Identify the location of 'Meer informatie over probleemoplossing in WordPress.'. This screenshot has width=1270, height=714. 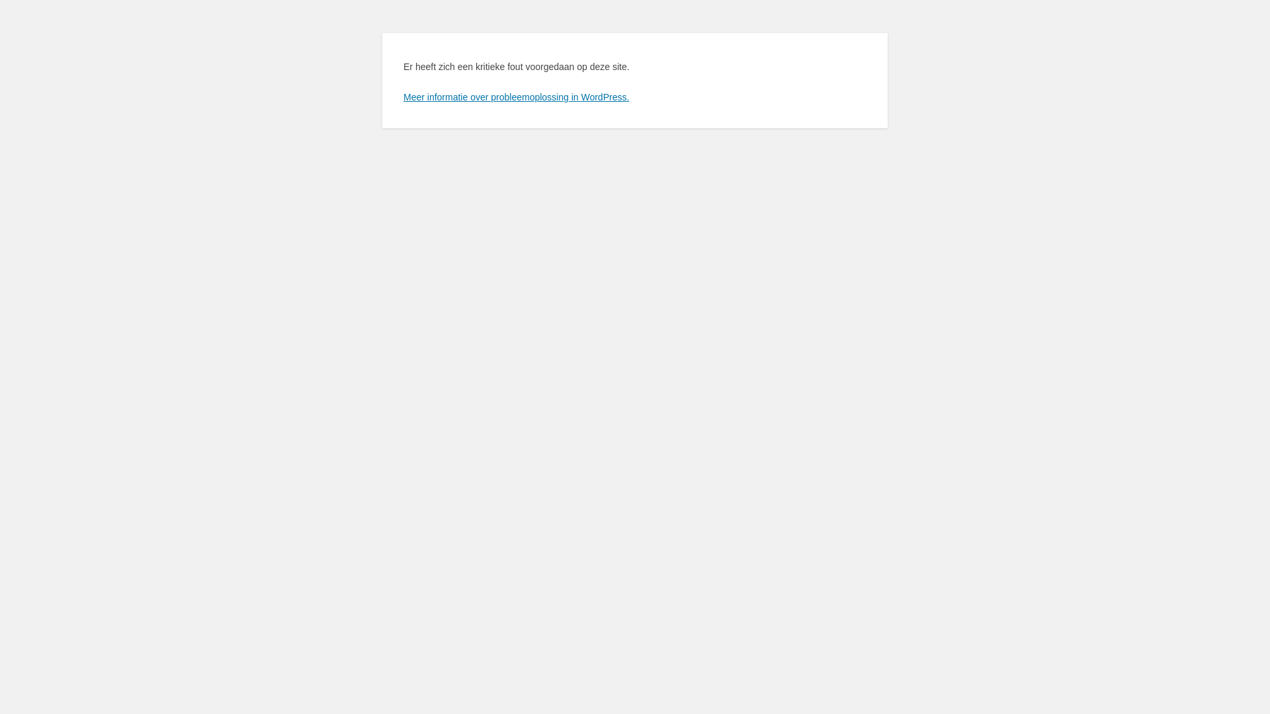
(515, 96).